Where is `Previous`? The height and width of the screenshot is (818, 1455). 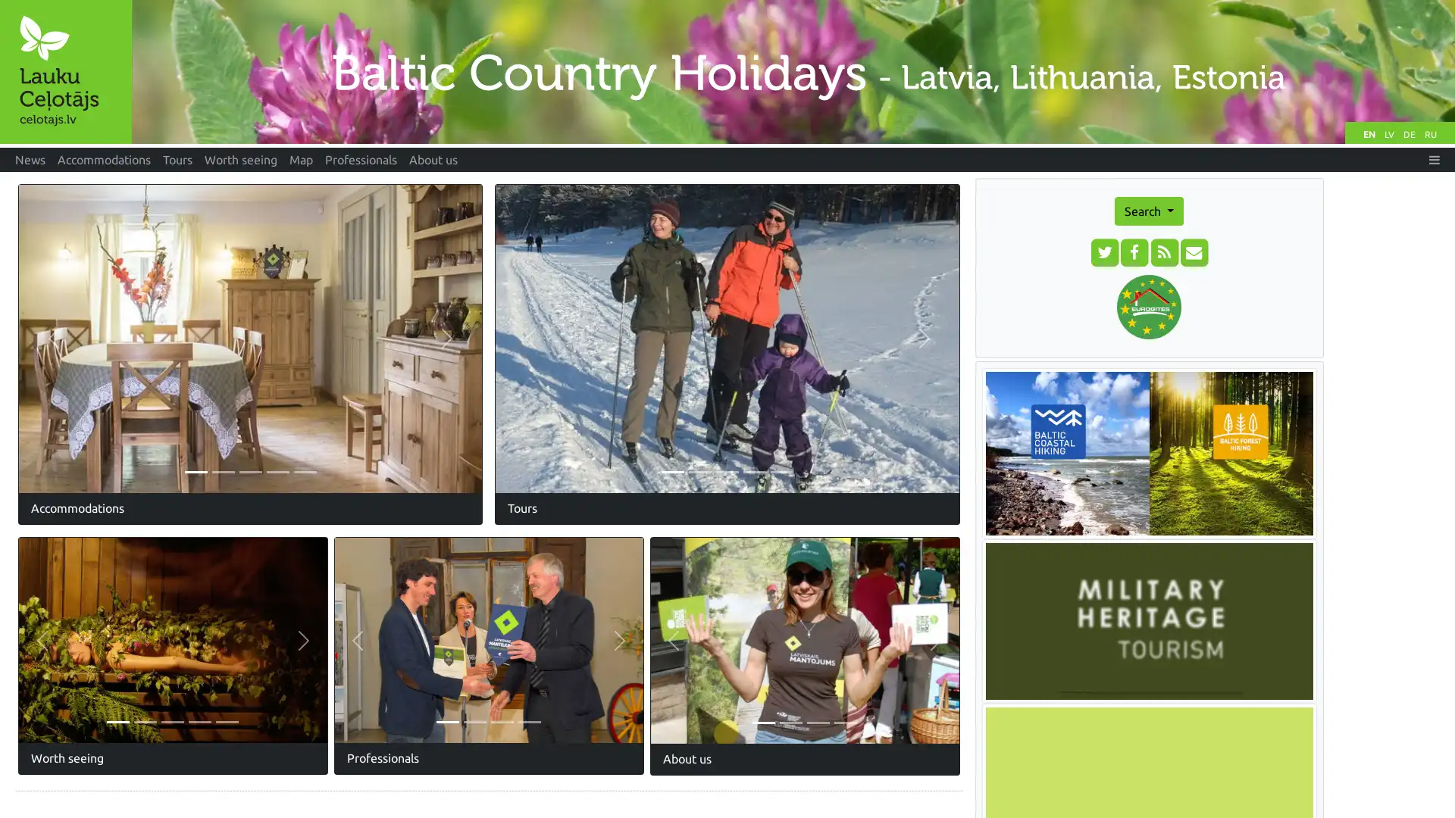 Previous is located at coordinates (53, 338).